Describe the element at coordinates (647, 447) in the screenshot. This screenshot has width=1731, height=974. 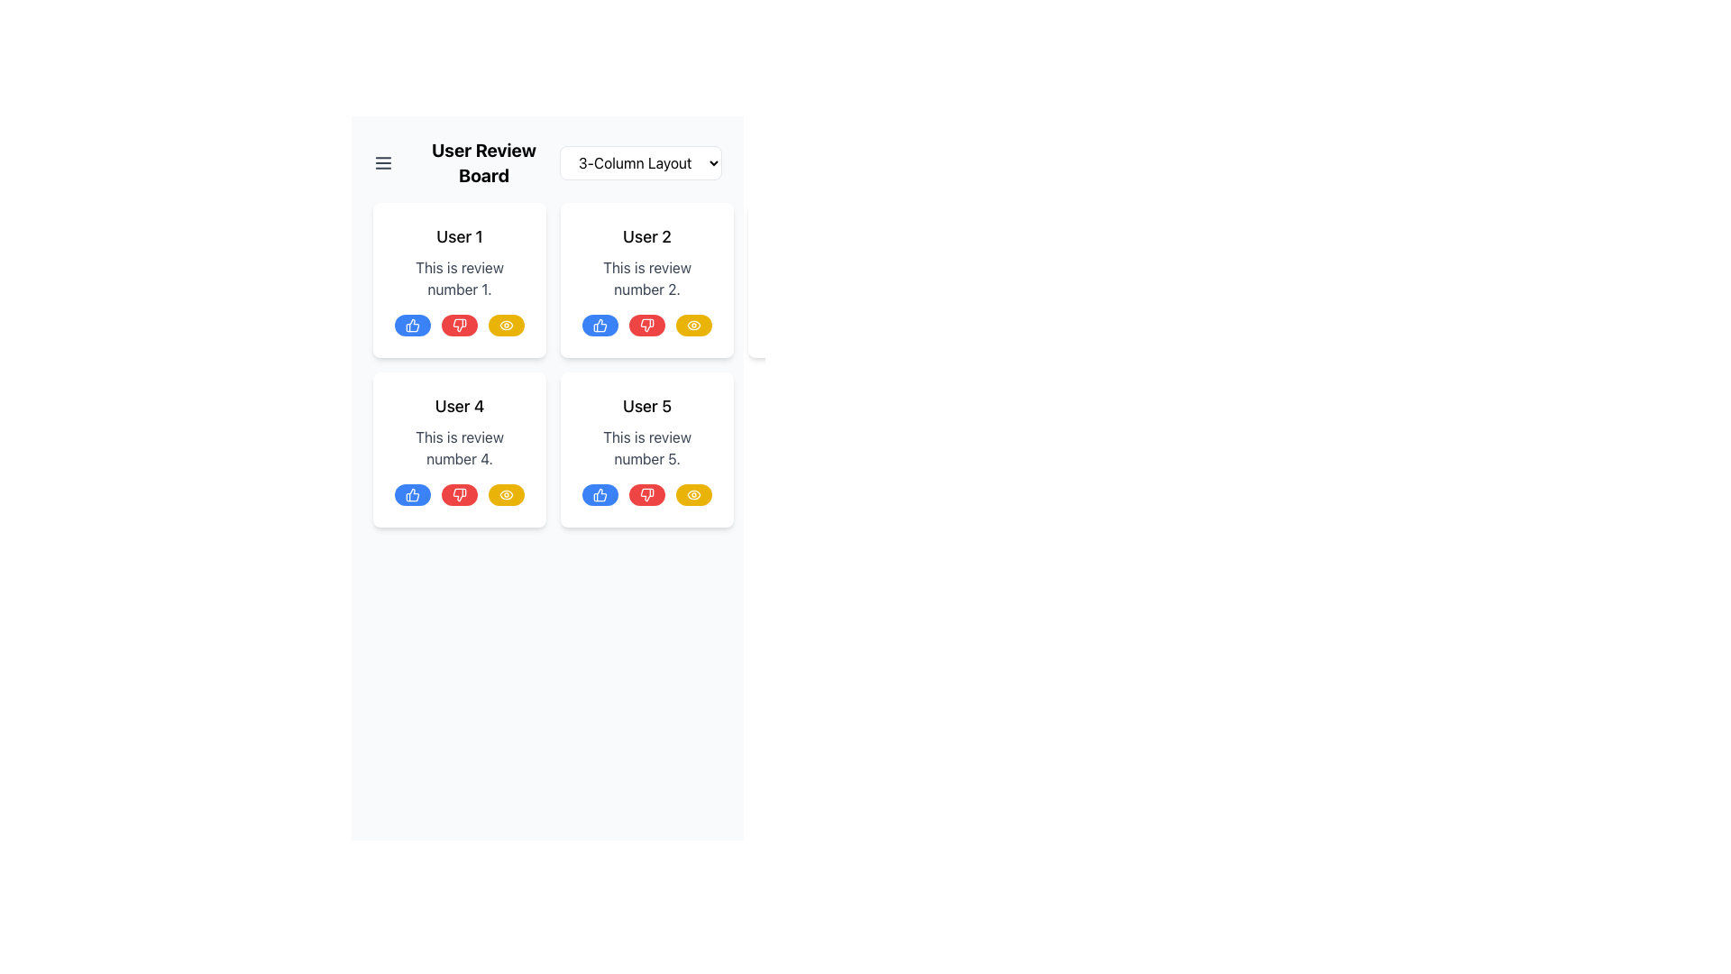
I see `the static text element displaying 'This is review number 5.' located below the title 'User 5' in the review card grid layout` at that location.